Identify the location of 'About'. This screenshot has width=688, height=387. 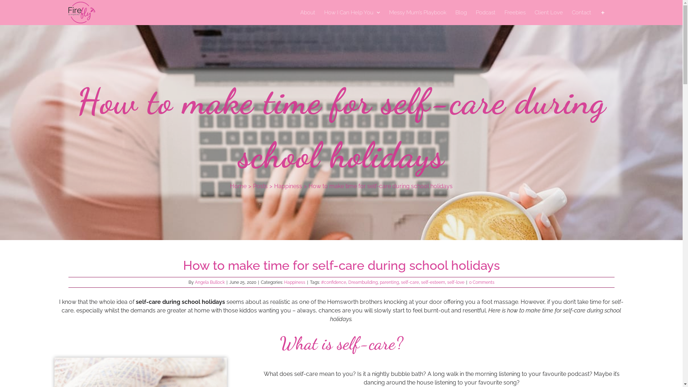
(308, 12).